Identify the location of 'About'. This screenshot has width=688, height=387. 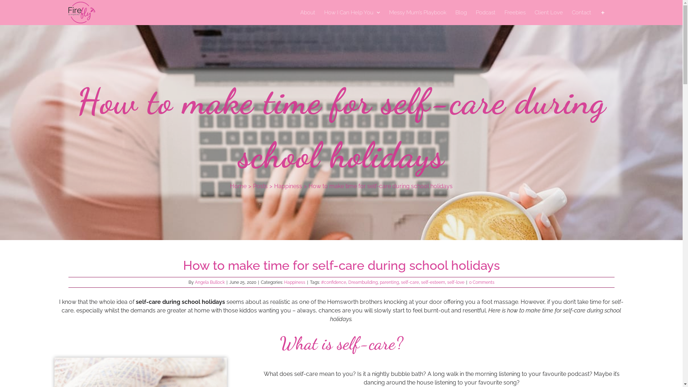
(308, 12).